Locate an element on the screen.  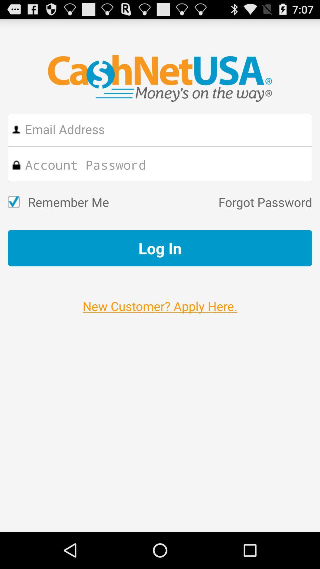
the item above log in button is located at coordinates (210, 202).